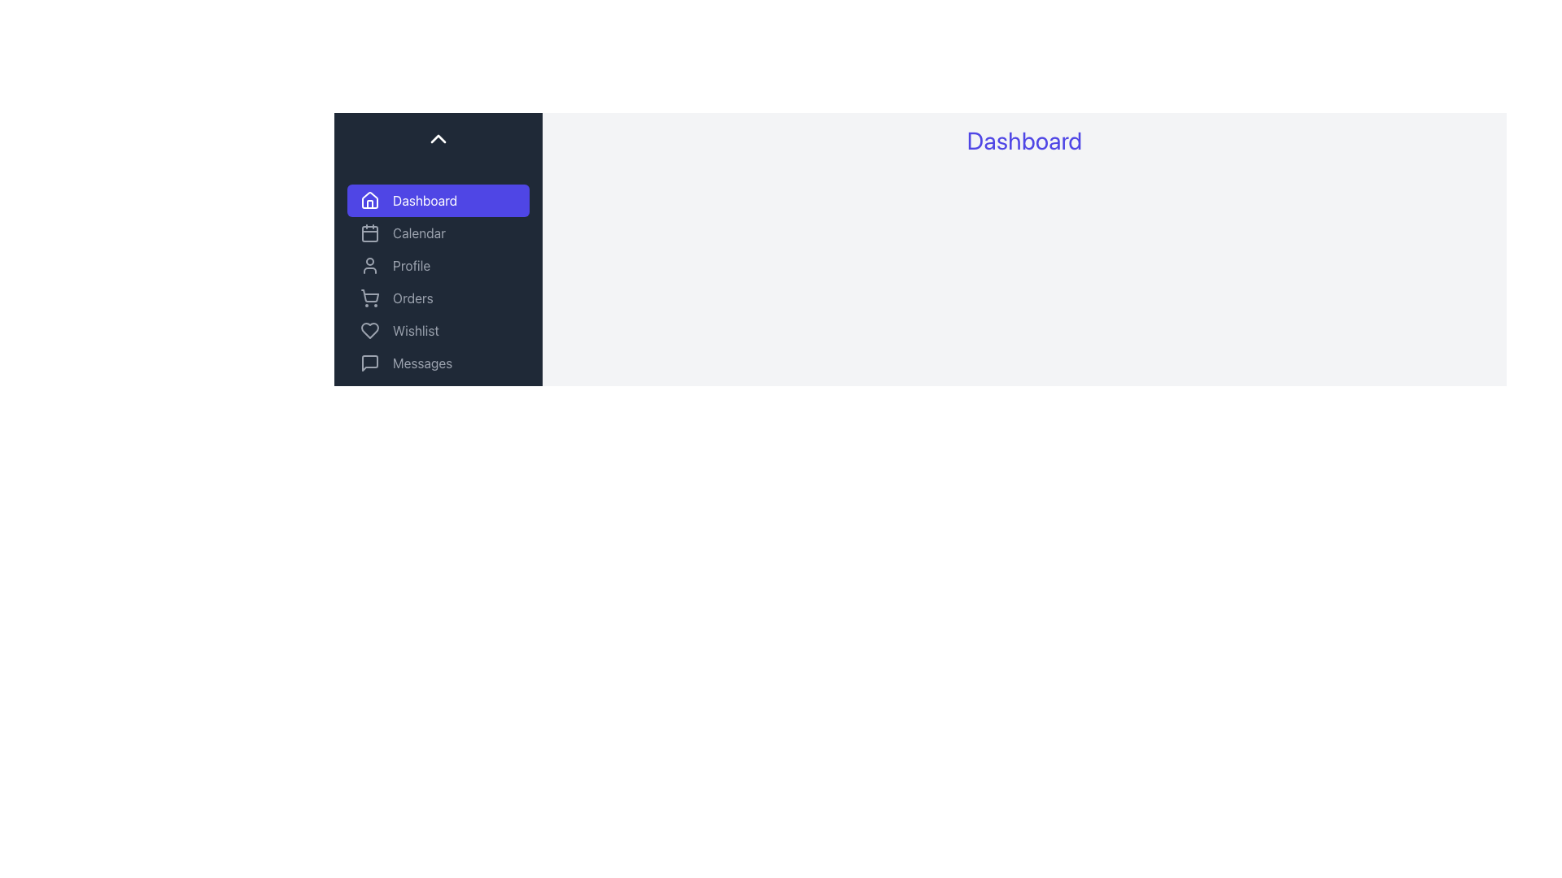 The image size is (1562, 878). What do you see at coordinates (369, 234) in the screenshot?
I see `the small rectangular icon with rounded corners that represents the calendar, located to the left of the 'Calendar' label in the sidebar navigation` at bounding box center [369, 234].